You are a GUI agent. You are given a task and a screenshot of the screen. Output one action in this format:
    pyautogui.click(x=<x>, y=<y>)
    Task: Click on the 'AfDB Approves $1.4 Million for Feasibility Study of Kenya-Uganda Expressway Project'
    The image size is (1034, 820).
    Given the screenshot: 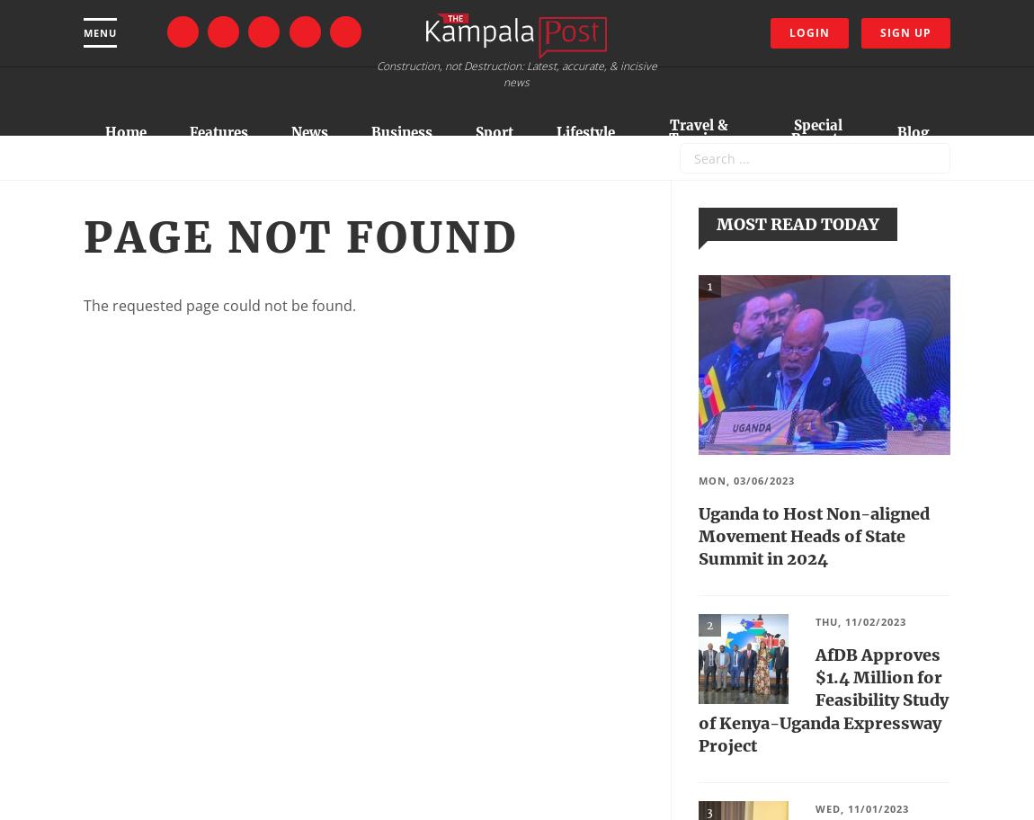 What is the action you would take?
    pyautogui.click(x=823, y=700)
    